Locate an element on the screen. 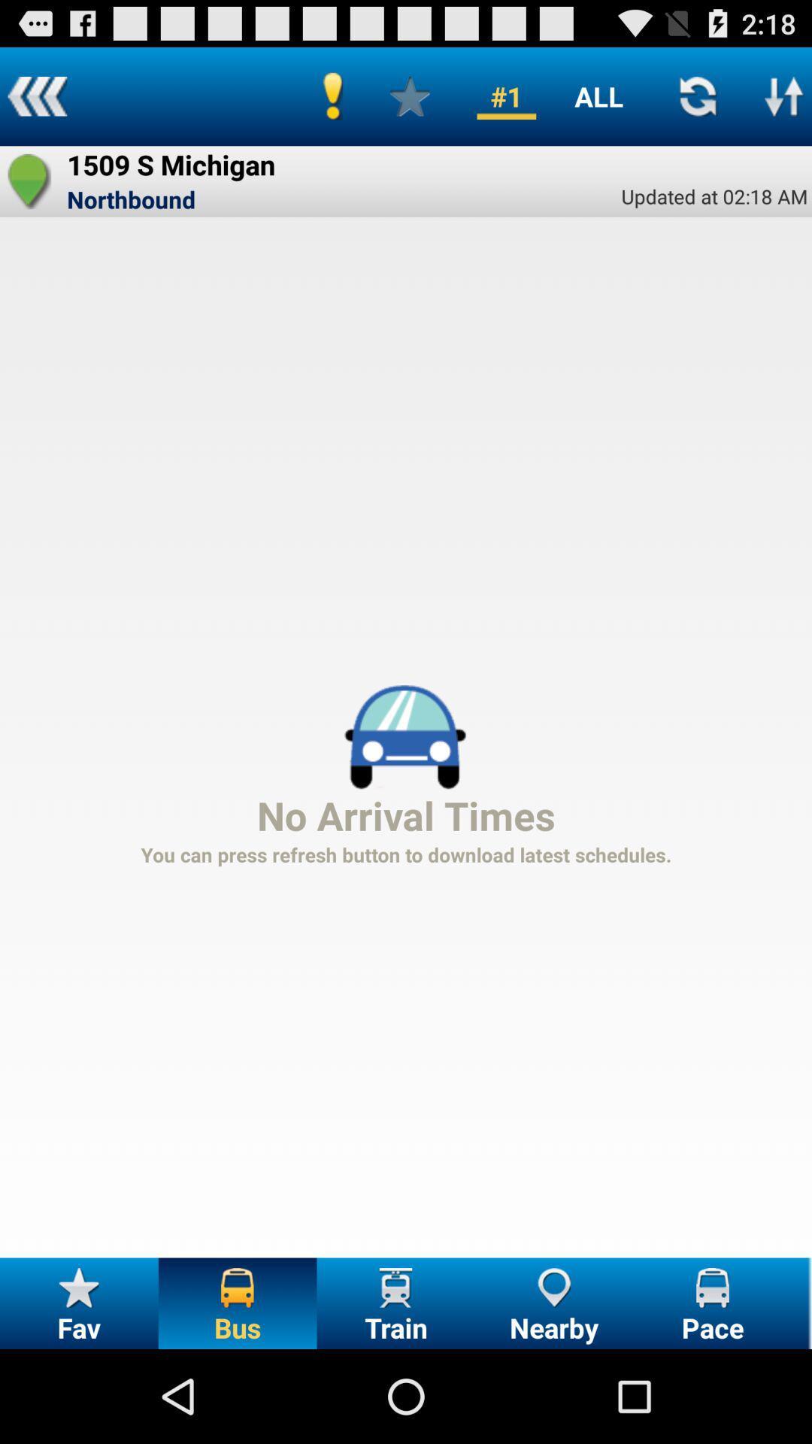 The image size is (812, 1444). the app next to 1509 s michigan is located at coordinates (29, 180).